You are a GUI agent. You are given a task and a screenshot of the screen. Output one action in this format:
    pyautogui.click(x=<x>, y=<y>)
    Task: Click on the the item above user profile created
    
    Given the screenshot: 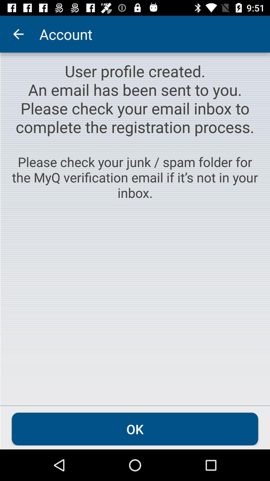 What is the action you would take?
    pyautogui.click(x=18, y=34)
    